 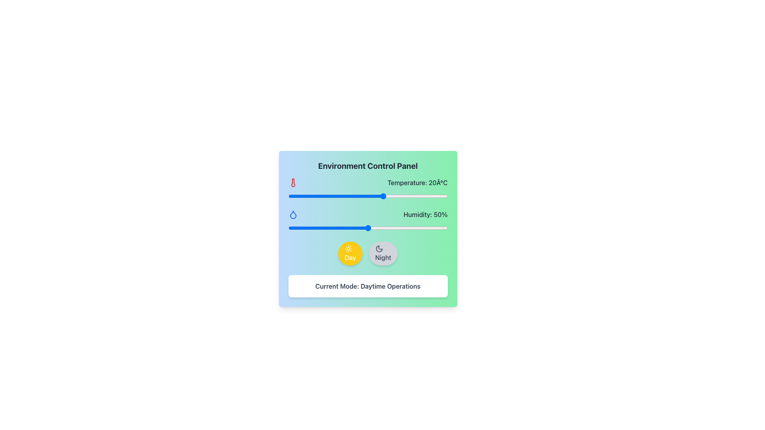 What do you see at coordinates (367, 228) in the screenshot?
I see `the handle of the horizontal humidity slider located below the text 'Humidity: 50%'` at bounding box center [367, 228].